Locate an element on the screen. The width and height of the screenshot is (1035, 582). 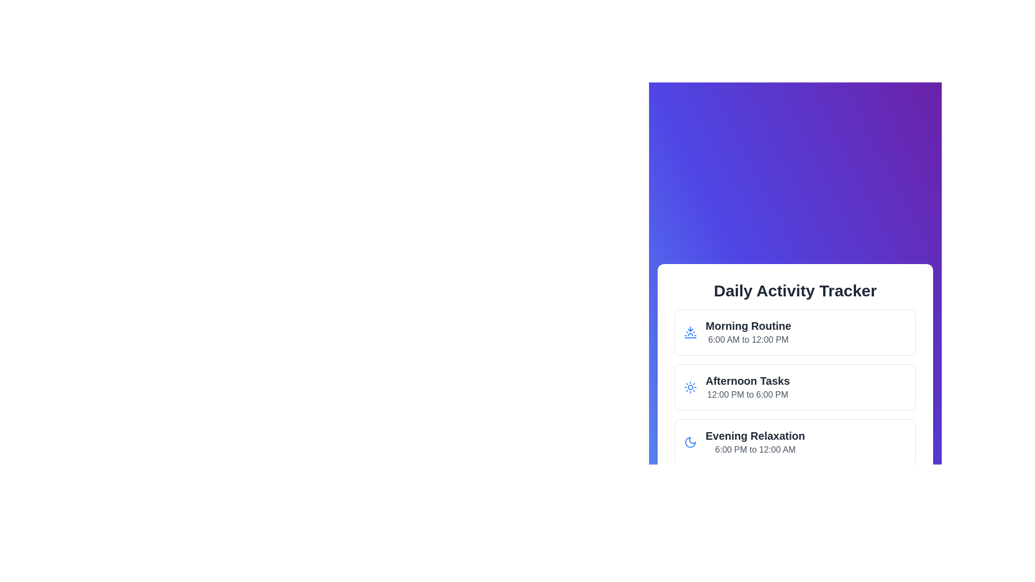
the 'Afternoon Tasks' text block, which is a two-line text element located is located at coordinates (747, 386).